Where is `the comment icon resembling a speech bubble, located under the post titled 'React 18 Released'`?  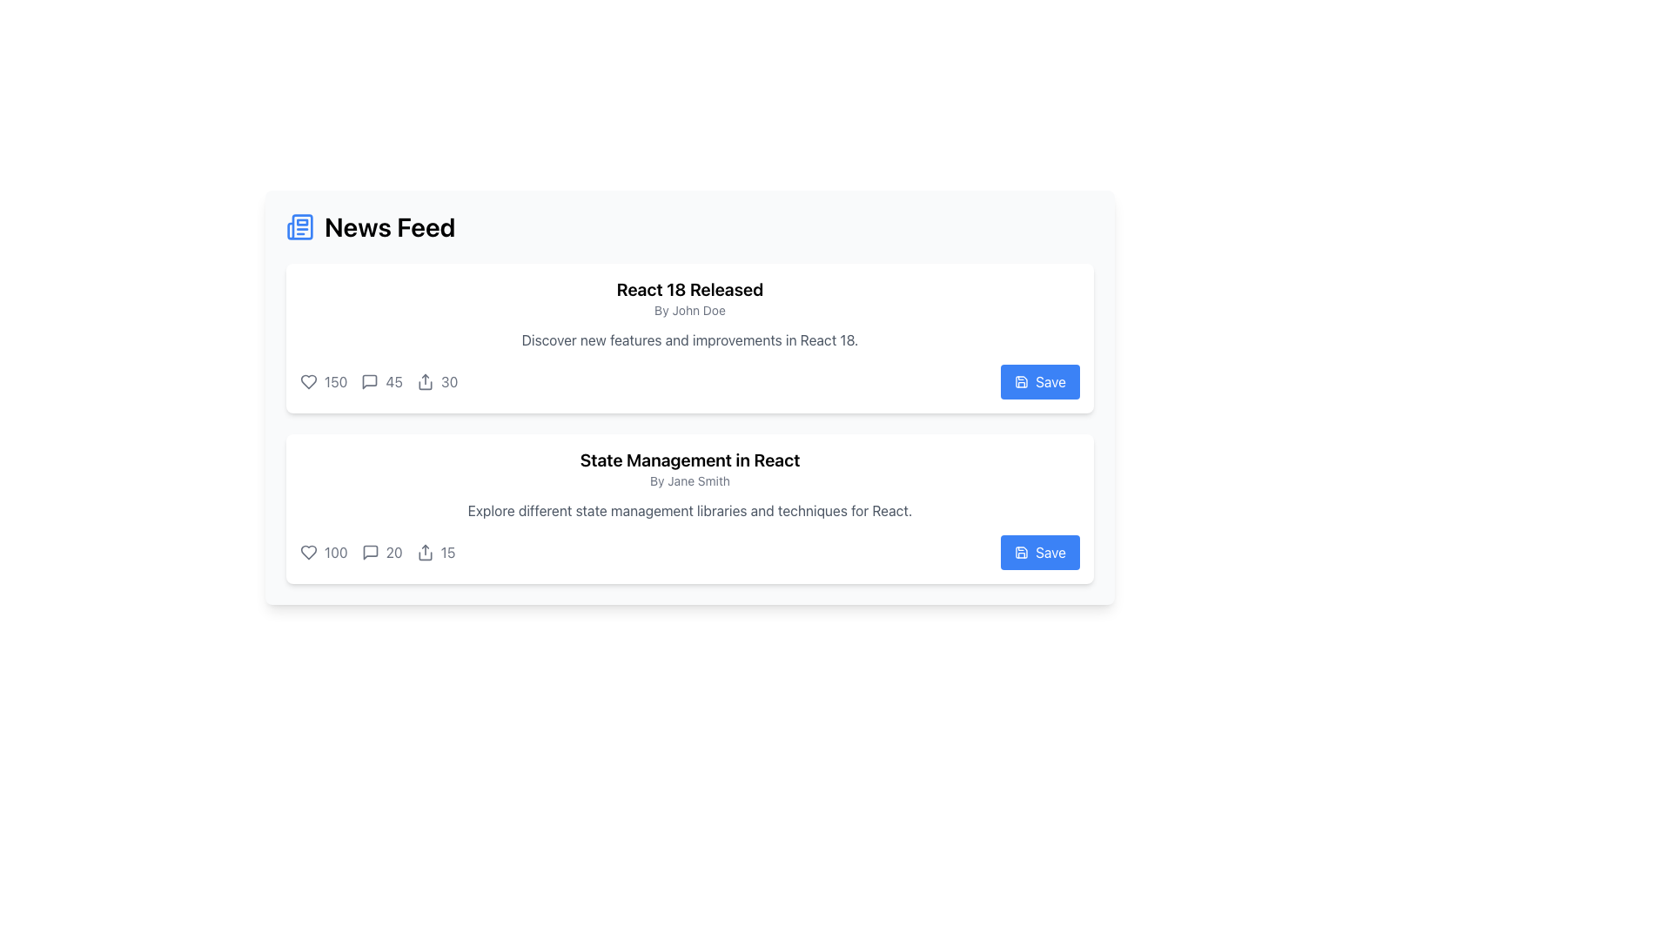
the comment icon resembling a speech bubble, located under the post titled 'React 18 Released' is located at coordinates (369, 381).